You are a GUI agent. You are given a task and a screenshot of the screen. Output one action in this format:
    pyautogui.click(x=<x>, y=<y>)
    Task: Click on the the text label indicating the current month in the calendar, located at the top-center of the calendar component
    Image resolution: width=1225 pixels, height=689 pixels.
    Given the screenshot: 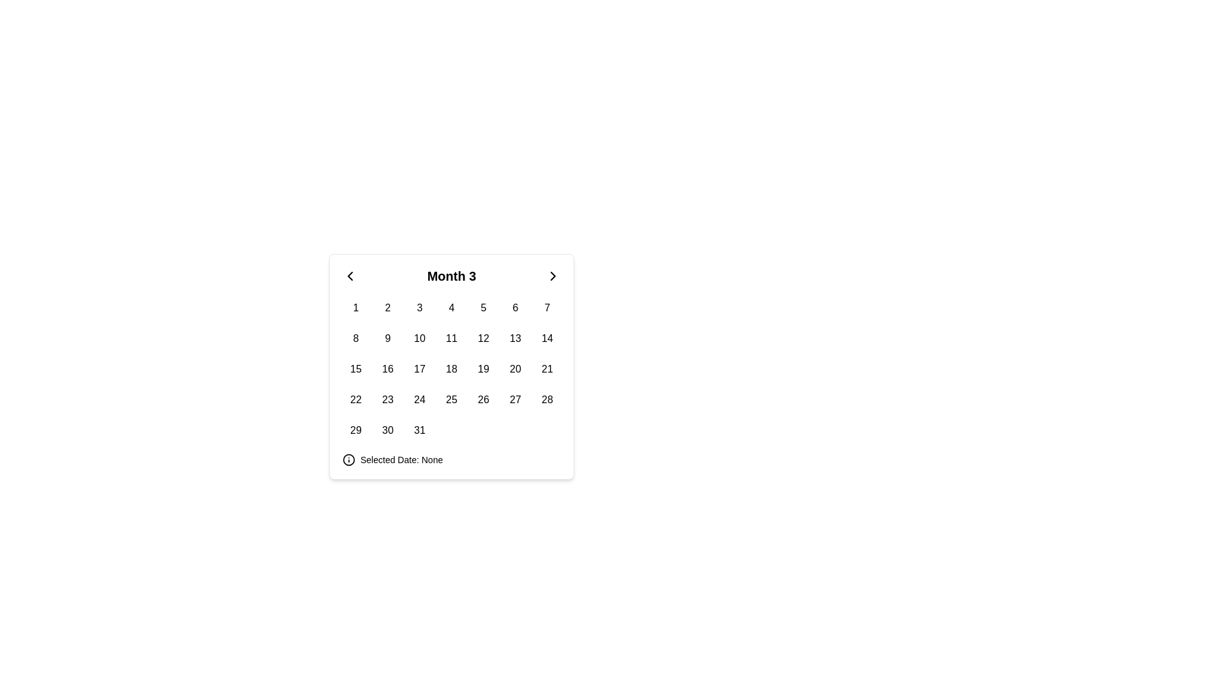 What is the action you would take?
    pyautogui.click(x=452, y=275)
    